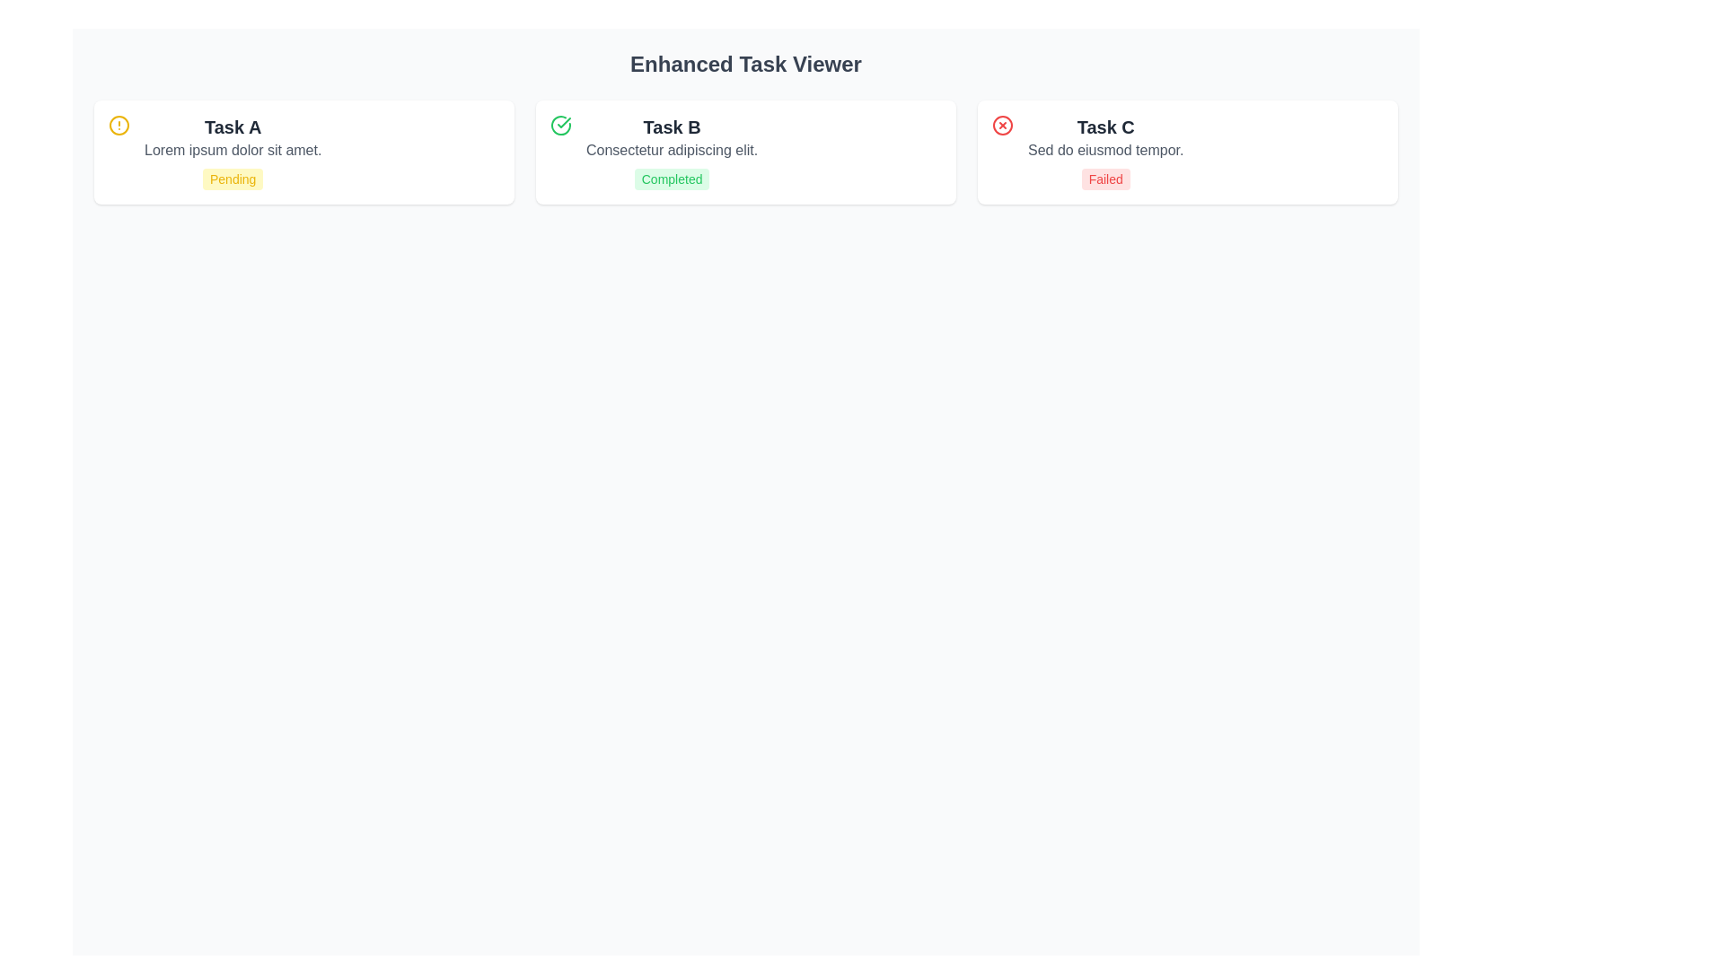 This screenshot has height=969, width=1724. Describe the element at coordinates (1002, 124) in the screenshot. I see `failure status indicator icon located in the top-right section of the 'Task C' card` at that location.